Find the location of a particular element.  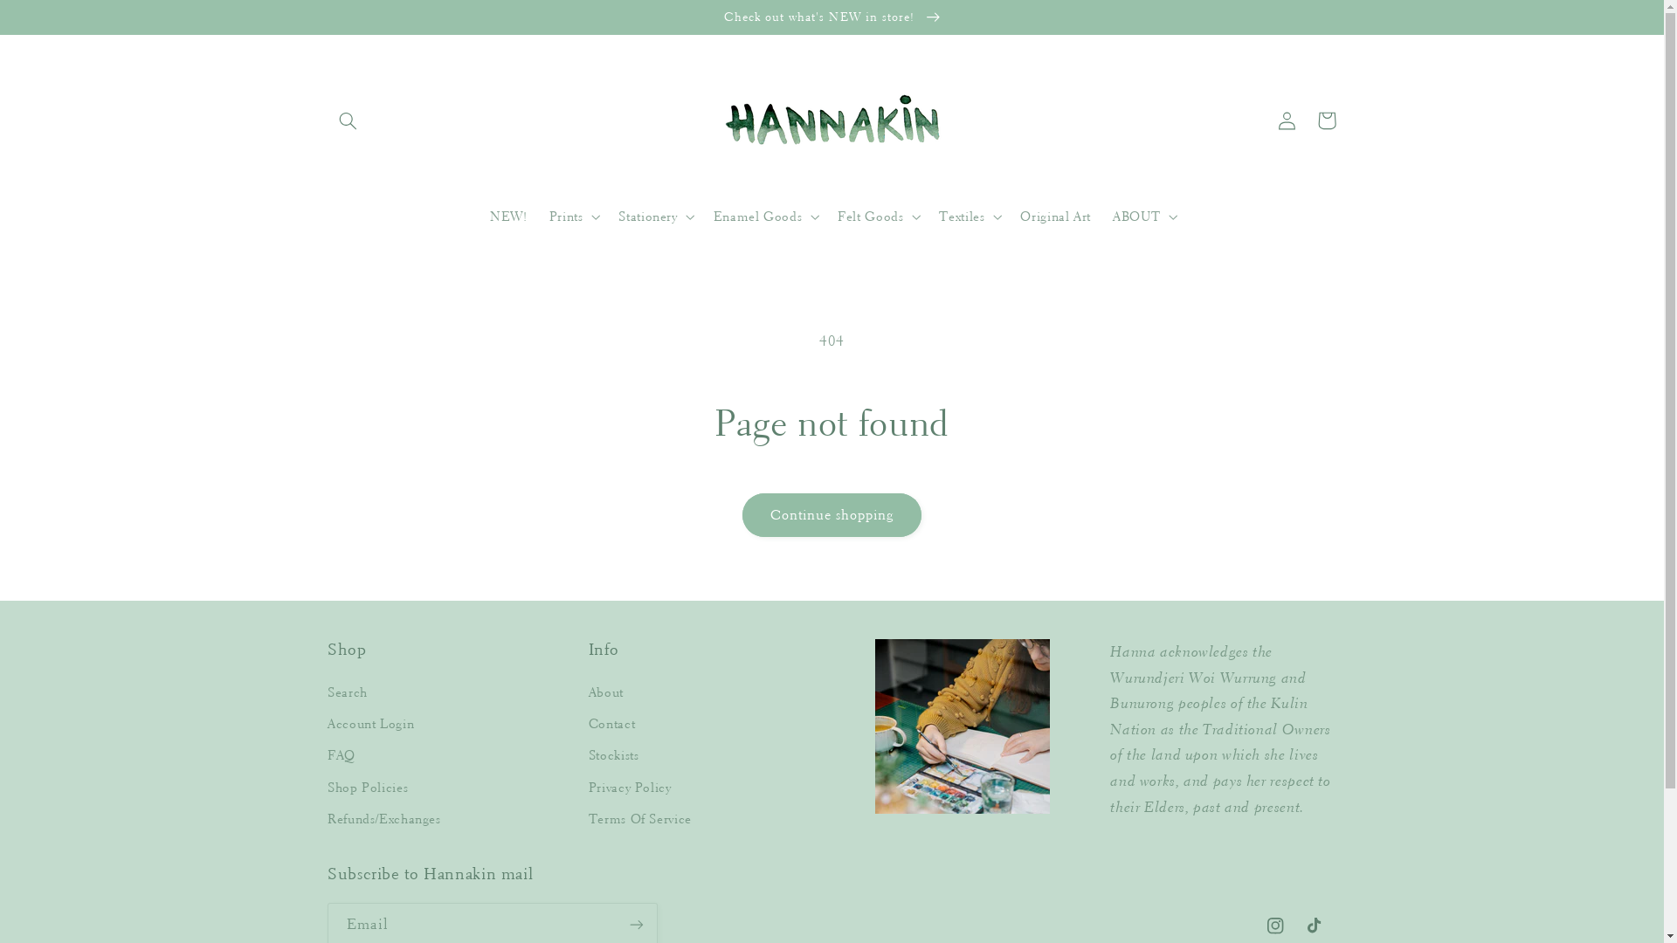

'Account Login' is located at coordinates (327, 724).